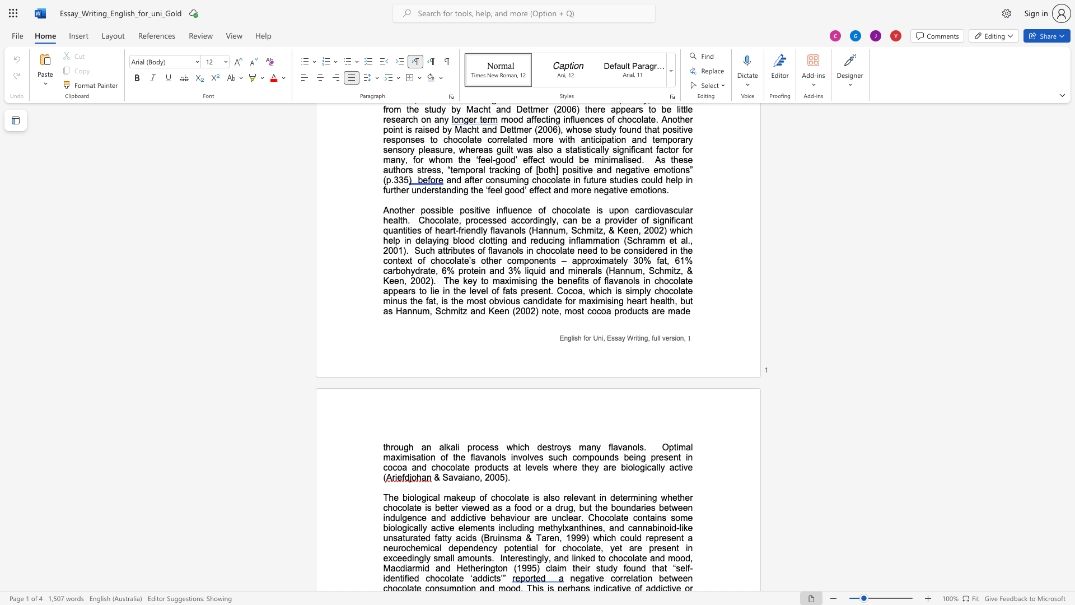 Image resolution: width=1075 pixels, height=605 pixels. I want to click on the 3th character "l" in the text, so click(633, 558).